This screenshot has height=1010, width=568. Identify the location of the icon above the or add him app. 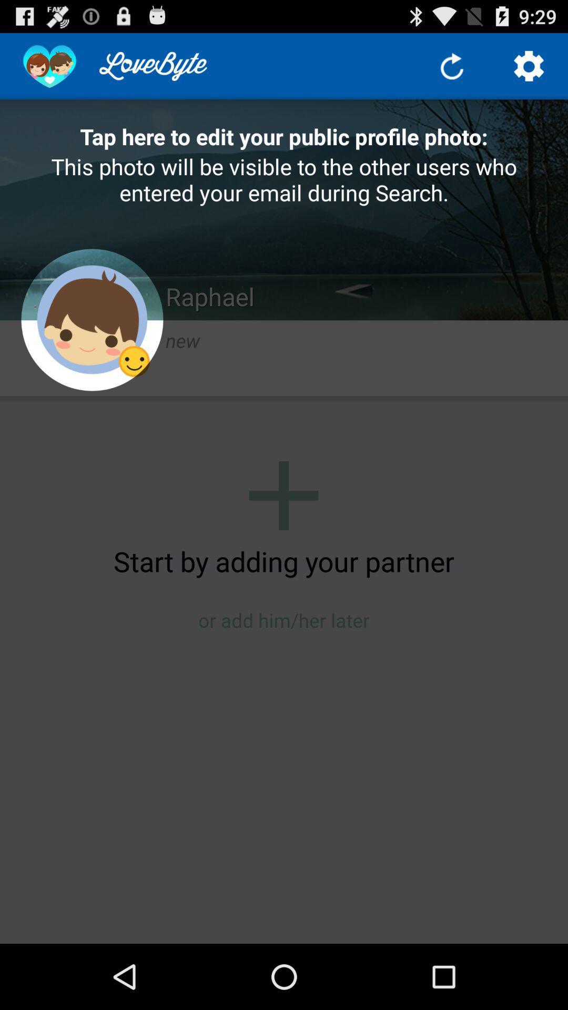
(284, 560).